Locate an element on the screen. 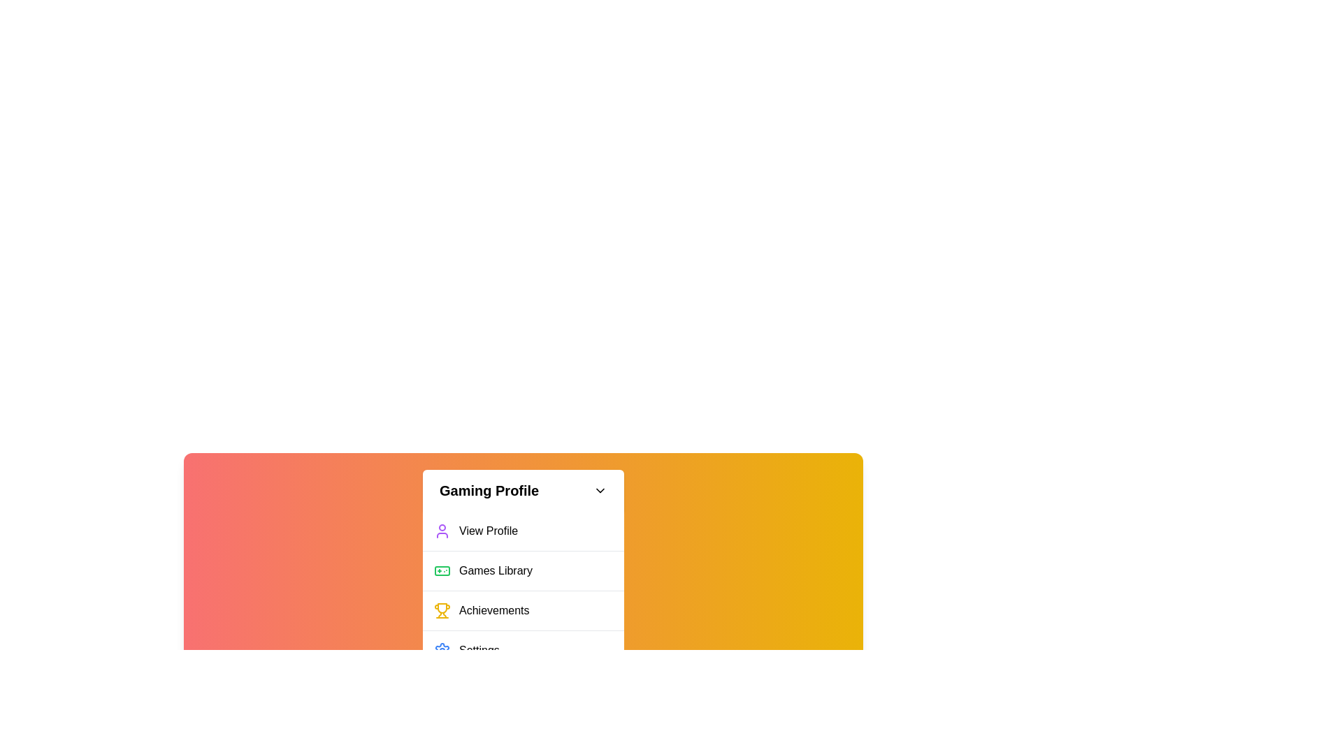 This screenshot has height=754, width=1342. the 'Settings' option in the menu is located at coordinates (522, 650).